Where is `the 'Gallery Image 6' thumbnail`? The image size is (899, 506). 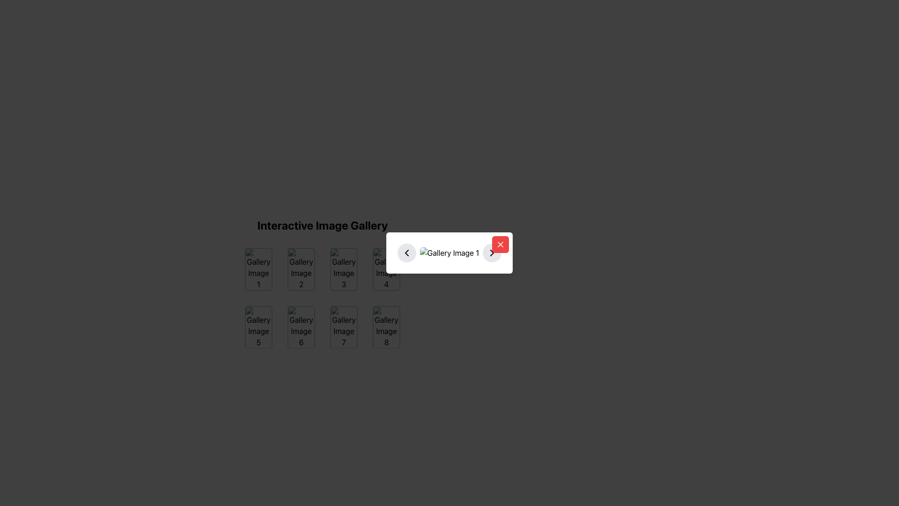 the 'Gallery Image 6' thumbnail is located at coordinates (301, 327).